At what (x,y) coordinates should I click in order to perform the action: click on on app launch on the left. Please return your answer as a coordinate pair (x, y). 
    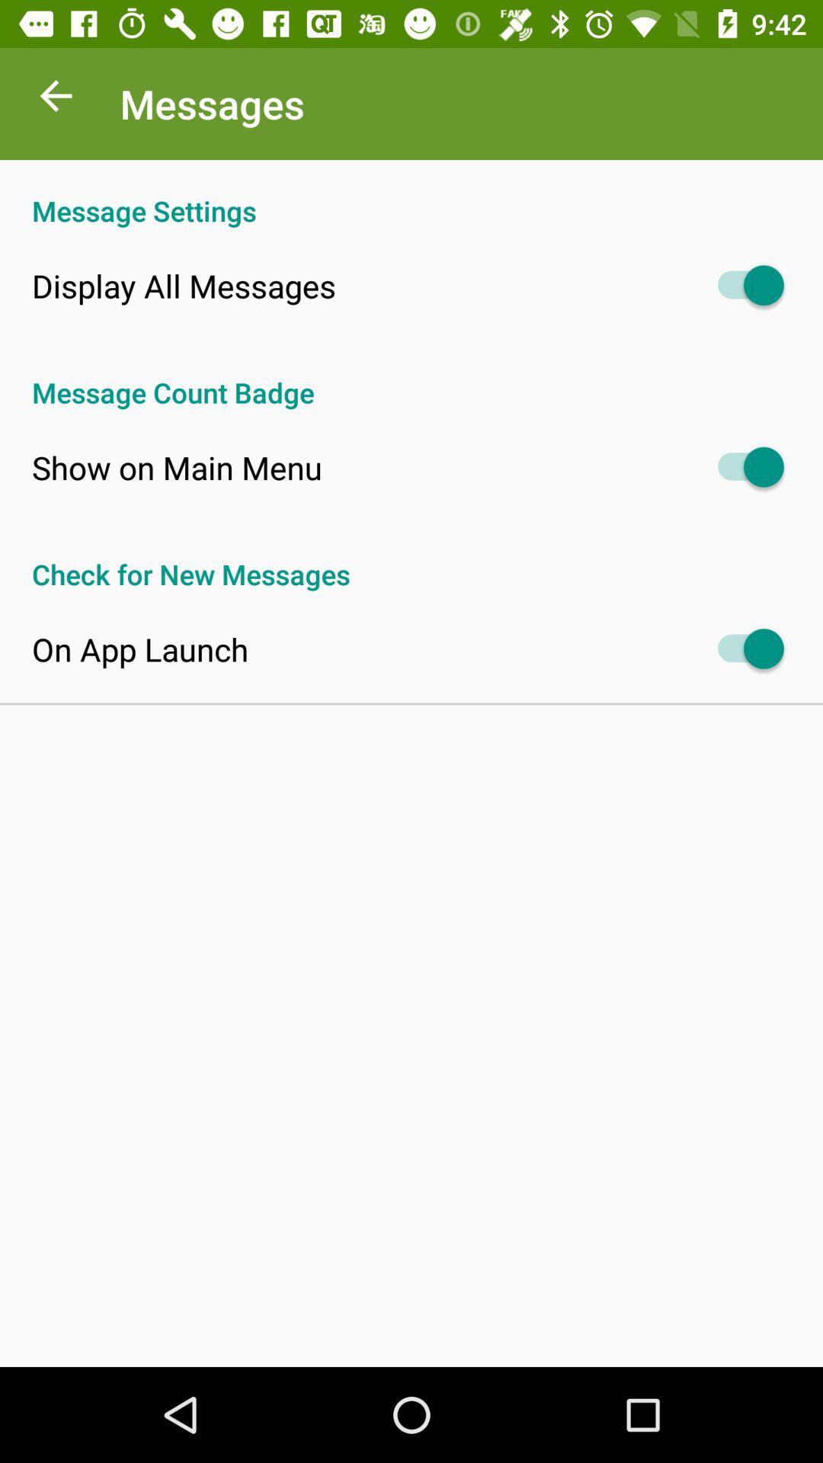
    Looking at the image, I should click on (140, 649).